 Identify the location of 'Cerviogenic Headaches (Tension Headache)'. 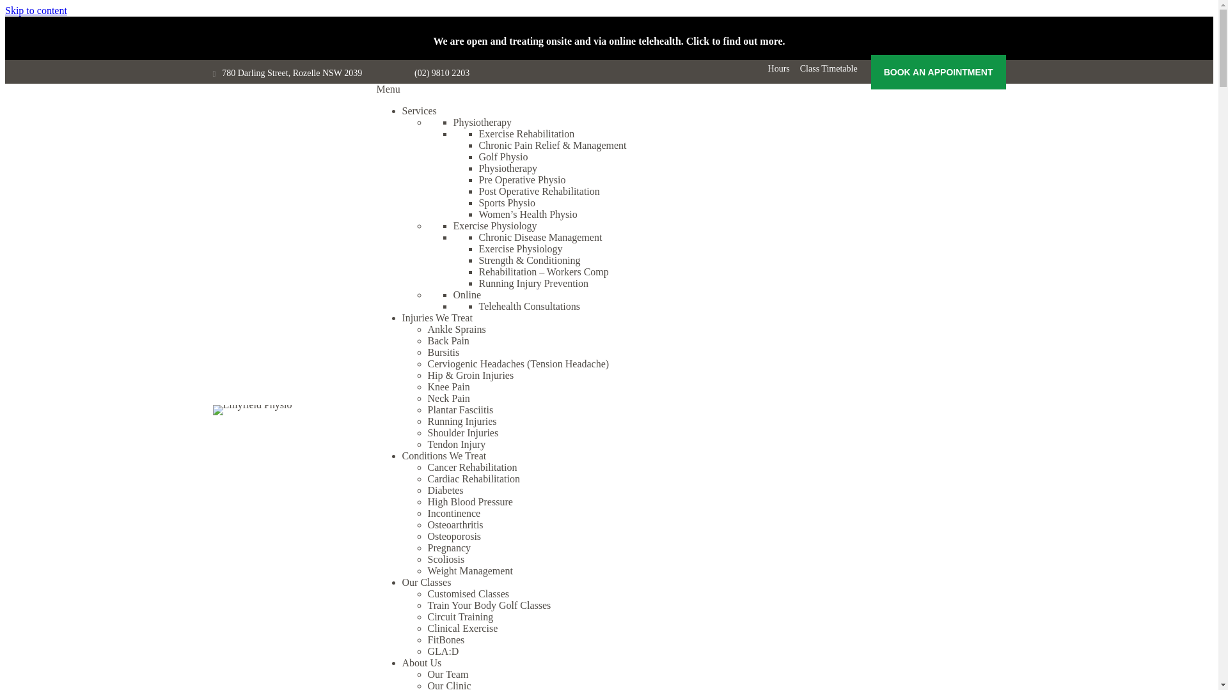
(518, 364).